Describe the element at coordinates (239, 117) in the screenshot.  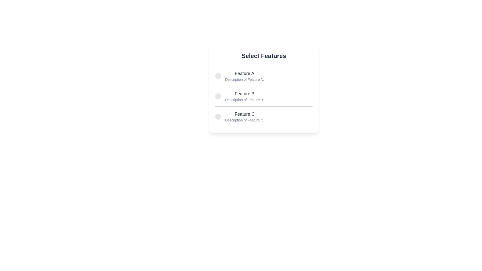
I see `the third list item labeled 'Feature C'` at that location.